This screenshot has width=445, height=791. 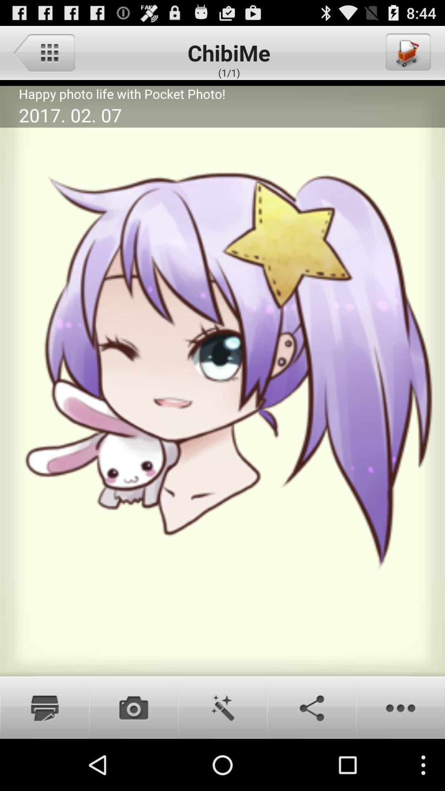 I want to click on camare, so click(x=133, y=707).